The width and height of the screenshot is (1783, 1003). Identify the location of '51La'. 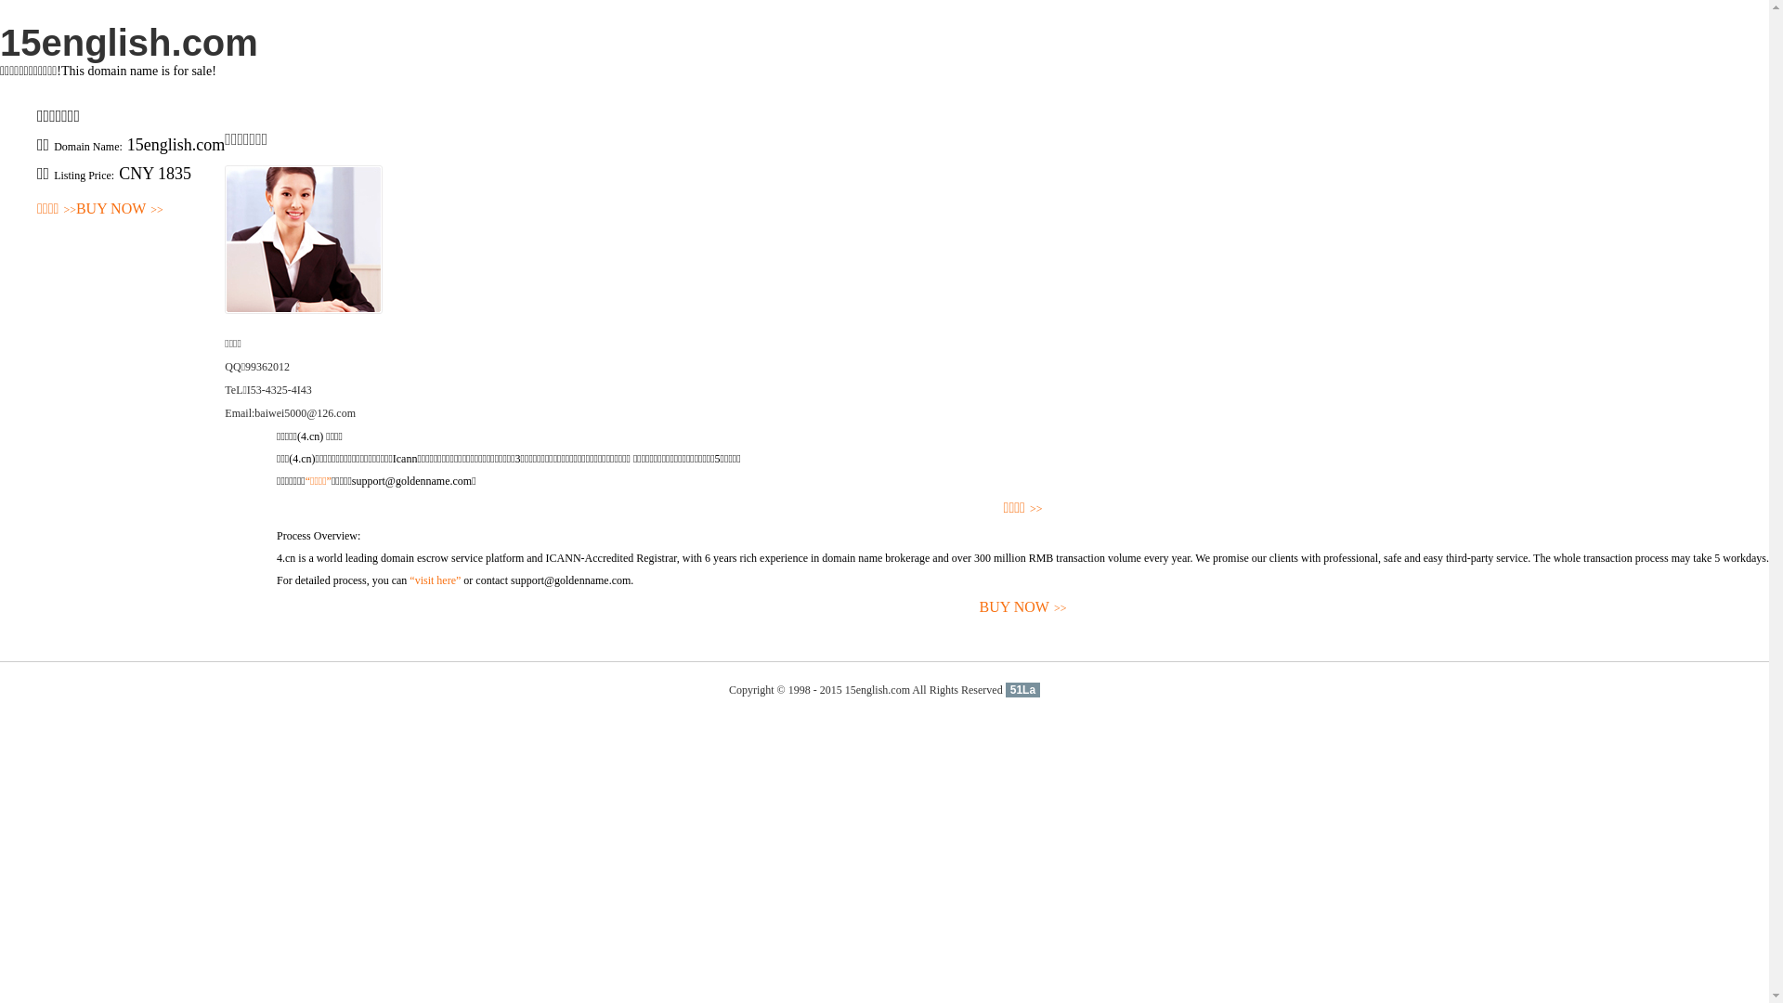
(1022, 690).